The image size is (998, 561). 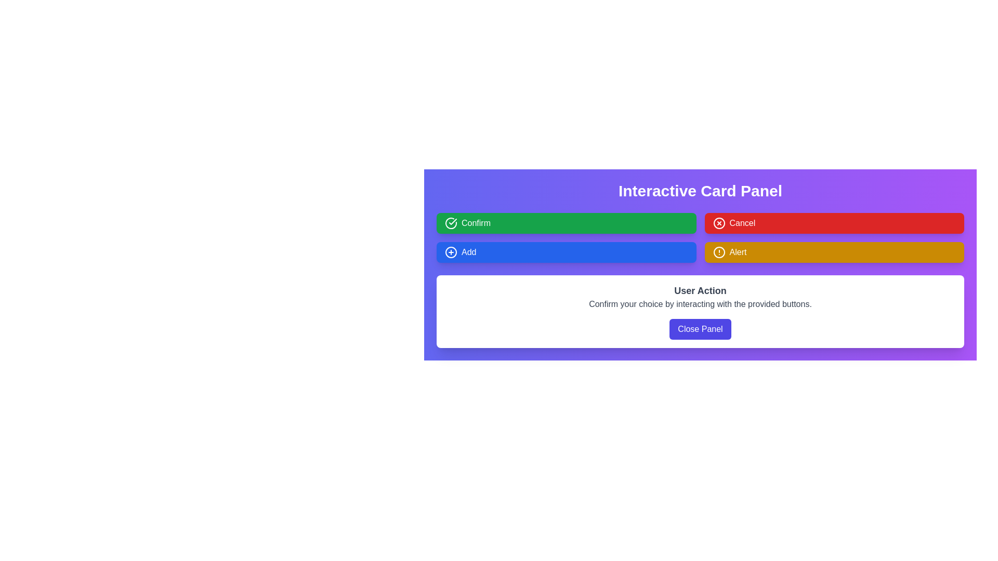 I want to click on the cancel button located in the second column of the top row of the button grid to provide visual feedback, so click(x=834, y=222).